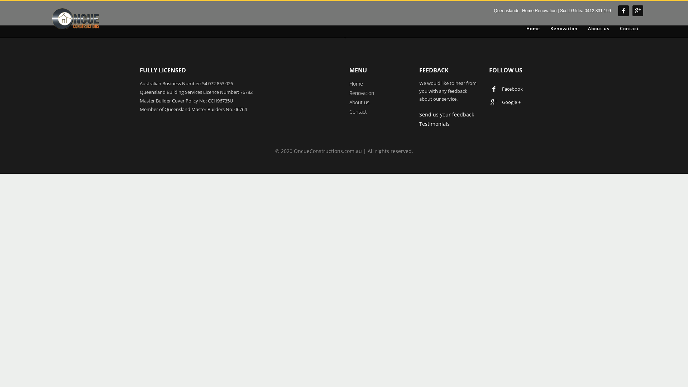 This screenshot has width=688, height=387. What do you see at coordinates (533, 28) in the screenshot?
I see `'Home'` at bounding box center [533, 28].